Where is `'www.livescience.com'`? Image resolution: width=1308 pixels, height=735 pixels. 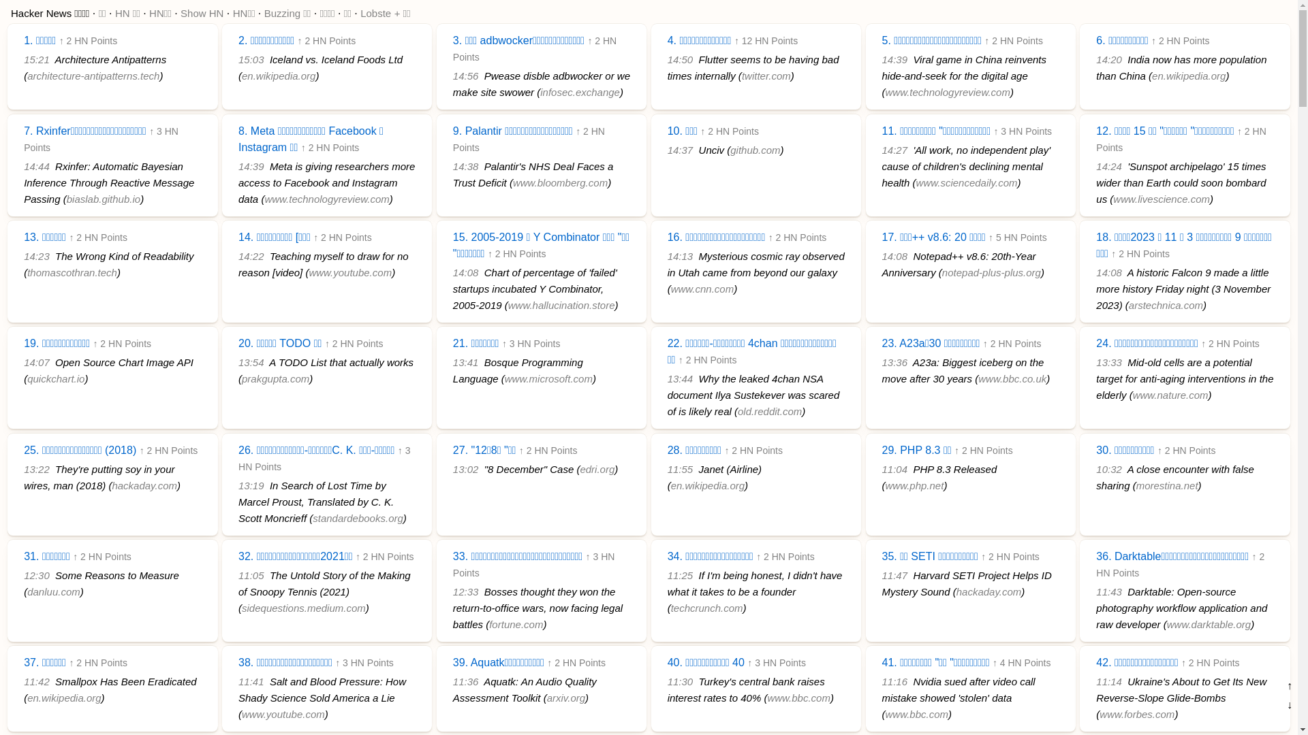 'www.livescience.com' is located at coordinates (1160, 199).